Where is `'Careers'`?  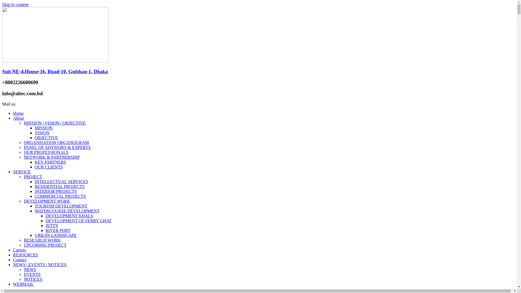
'Careers' is located at coordinates (20, 250).